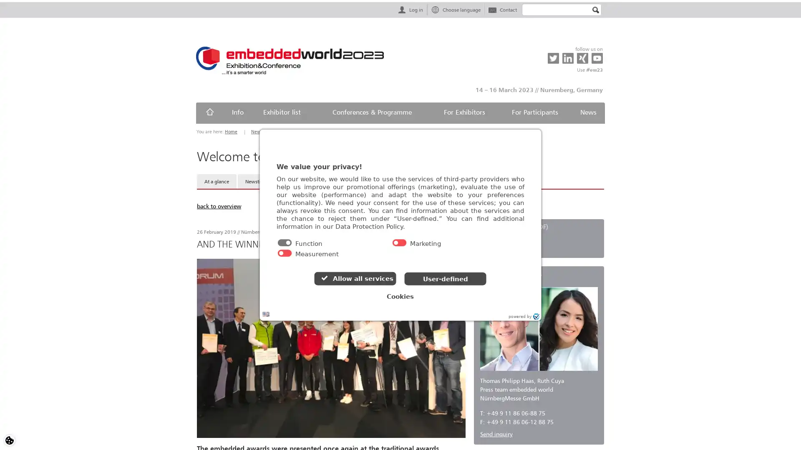  What do you see at coordinates (455, 9) in the screenshot?
I see `Choose language Choose language` at bounding box center [455, 9].